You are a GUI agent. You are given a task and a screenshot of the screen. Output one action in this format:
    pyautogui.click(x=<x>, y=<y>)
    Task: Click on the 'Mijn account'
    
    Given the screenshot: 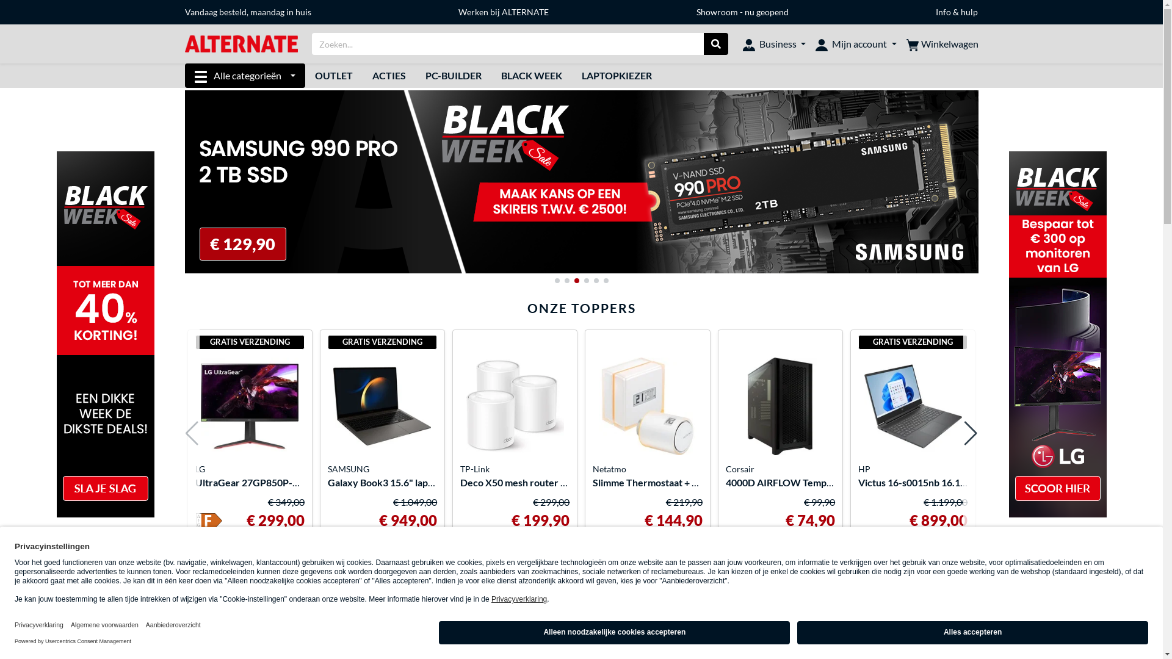 What is the action you would take?
    pyautogui.click(x=855, y=43)
    